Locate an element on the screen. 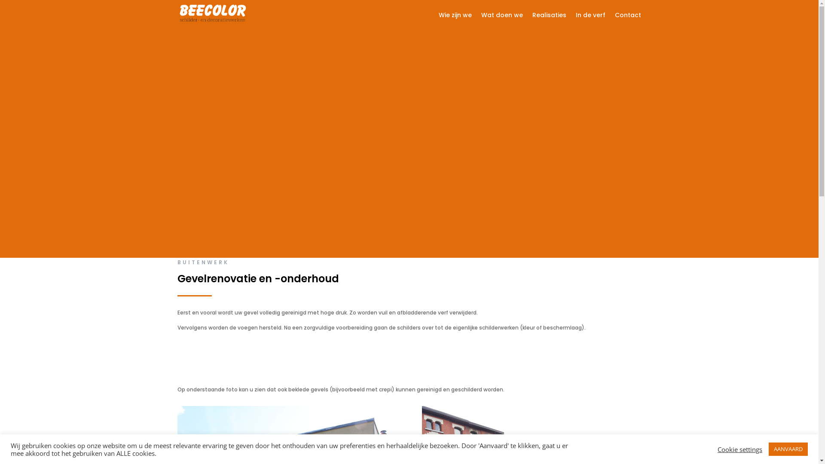 Image resolution: width=825 pixels, height=464 pixels. 'Cookie settings' is located at coordinates (739, 449).